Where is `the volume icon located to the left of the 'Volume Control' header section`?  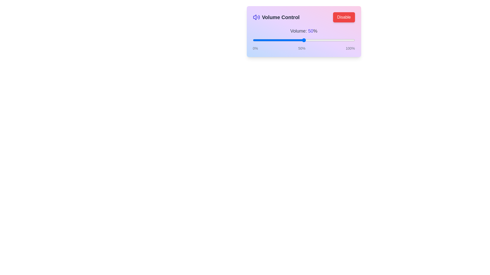
the volume icon located to the left of the 'Volume Control' header section is located at coordinates (256, 17).